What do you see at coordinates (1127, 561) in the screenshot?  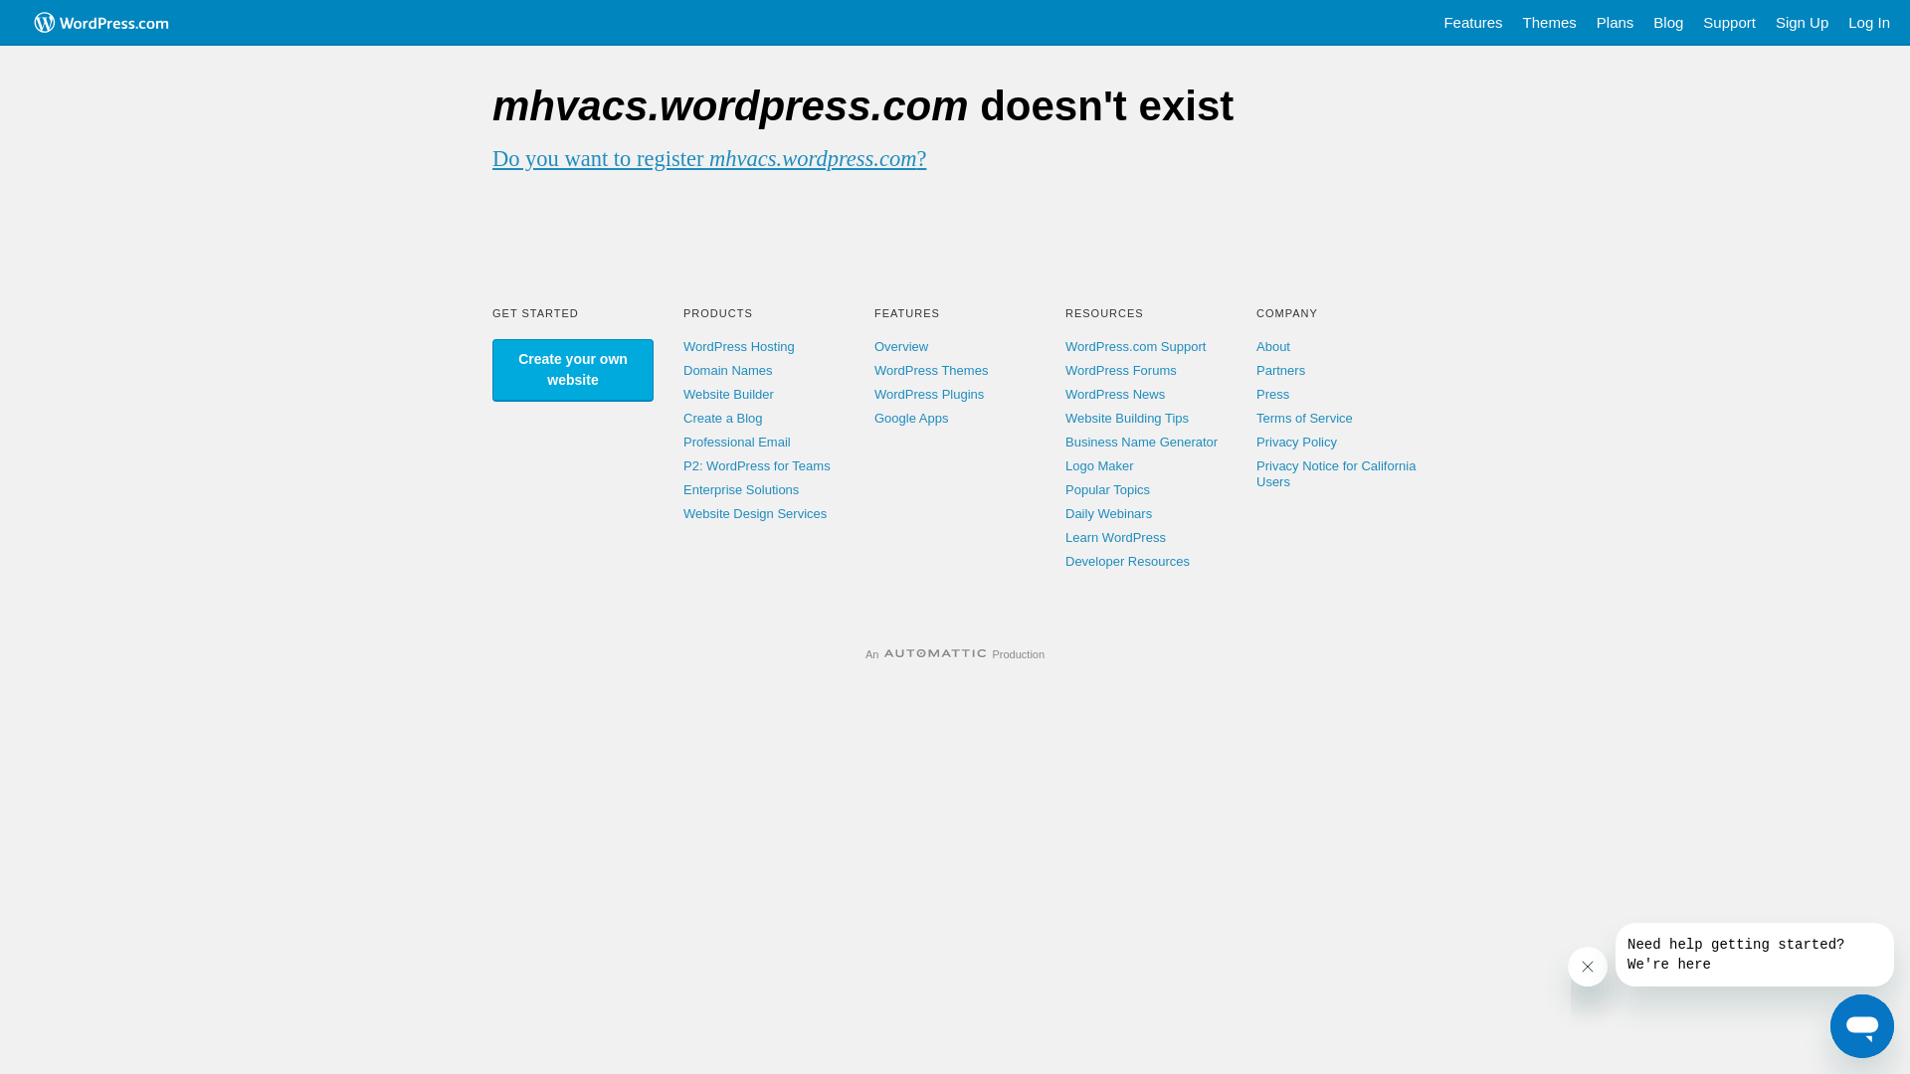 I see `'Developer Resources'` at bounding box center [1127, 561].